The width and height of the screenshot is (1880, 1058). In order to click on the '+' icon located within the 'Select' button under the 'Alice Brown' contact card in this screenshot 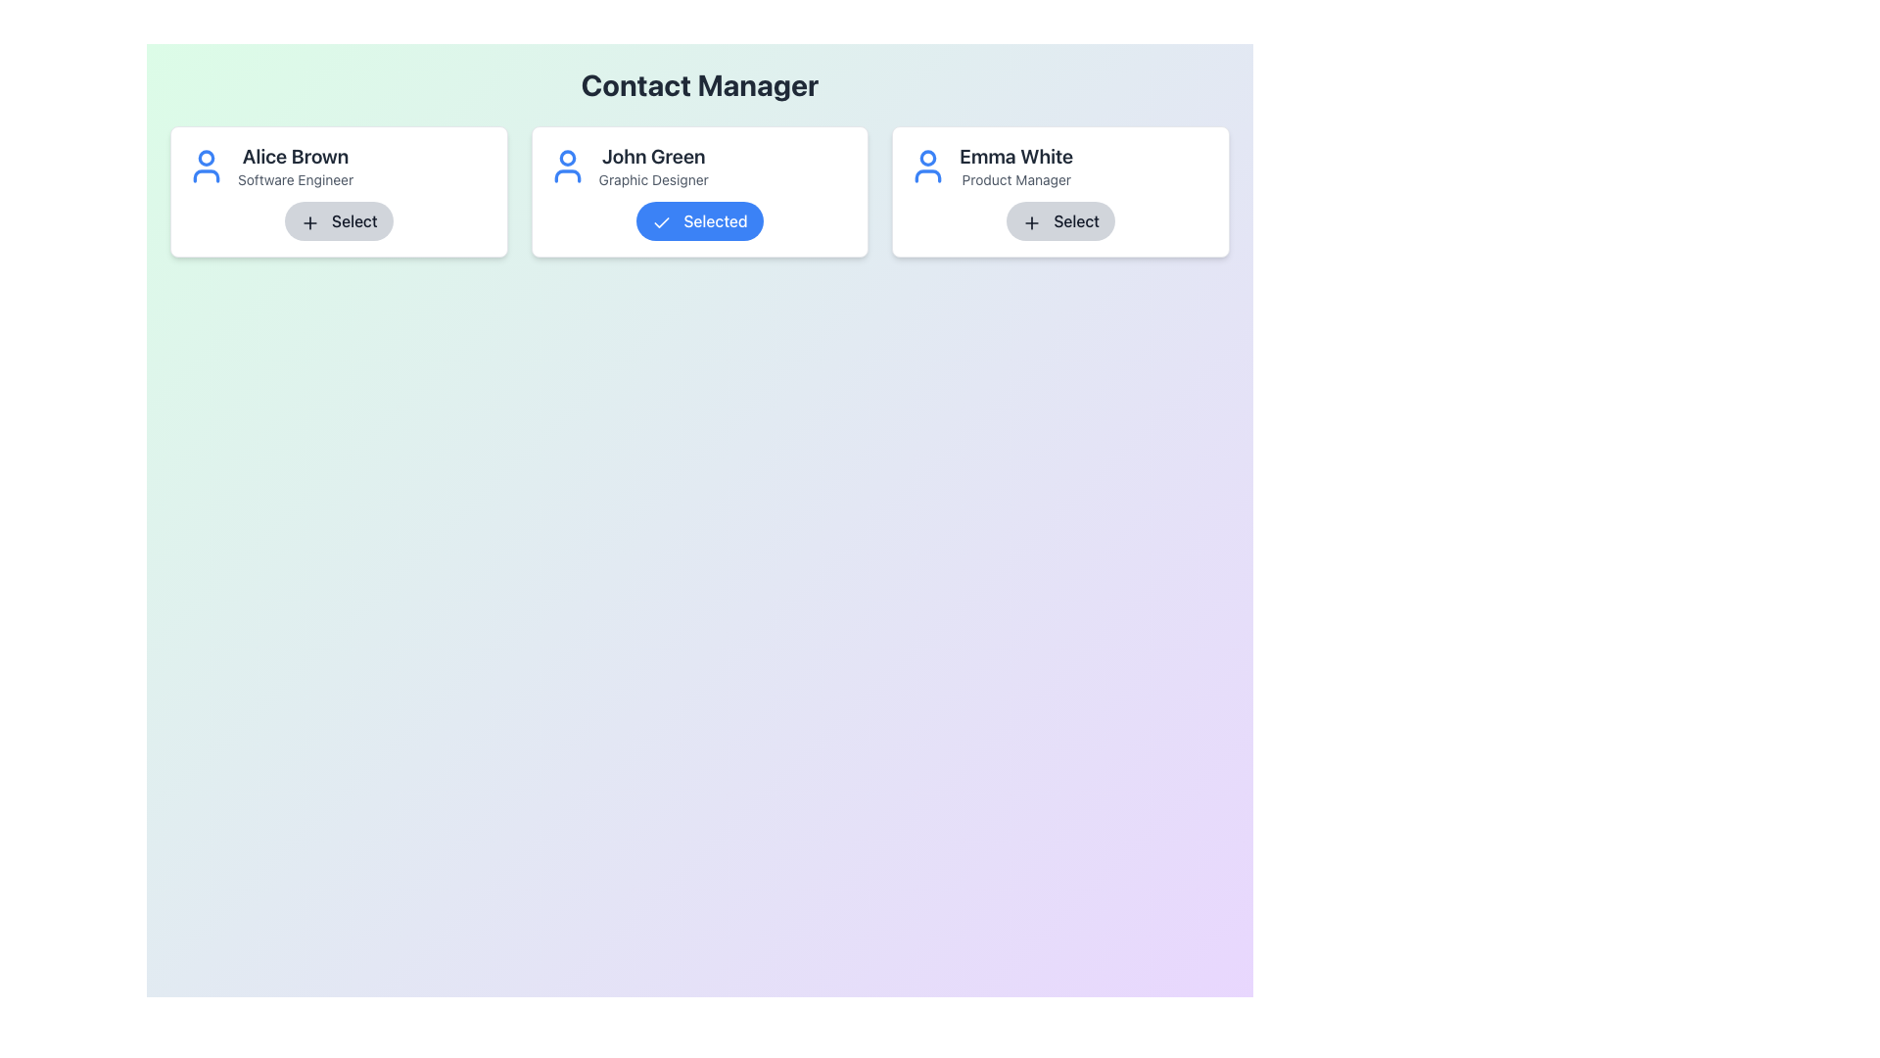, I will do `click(308, 221)`.